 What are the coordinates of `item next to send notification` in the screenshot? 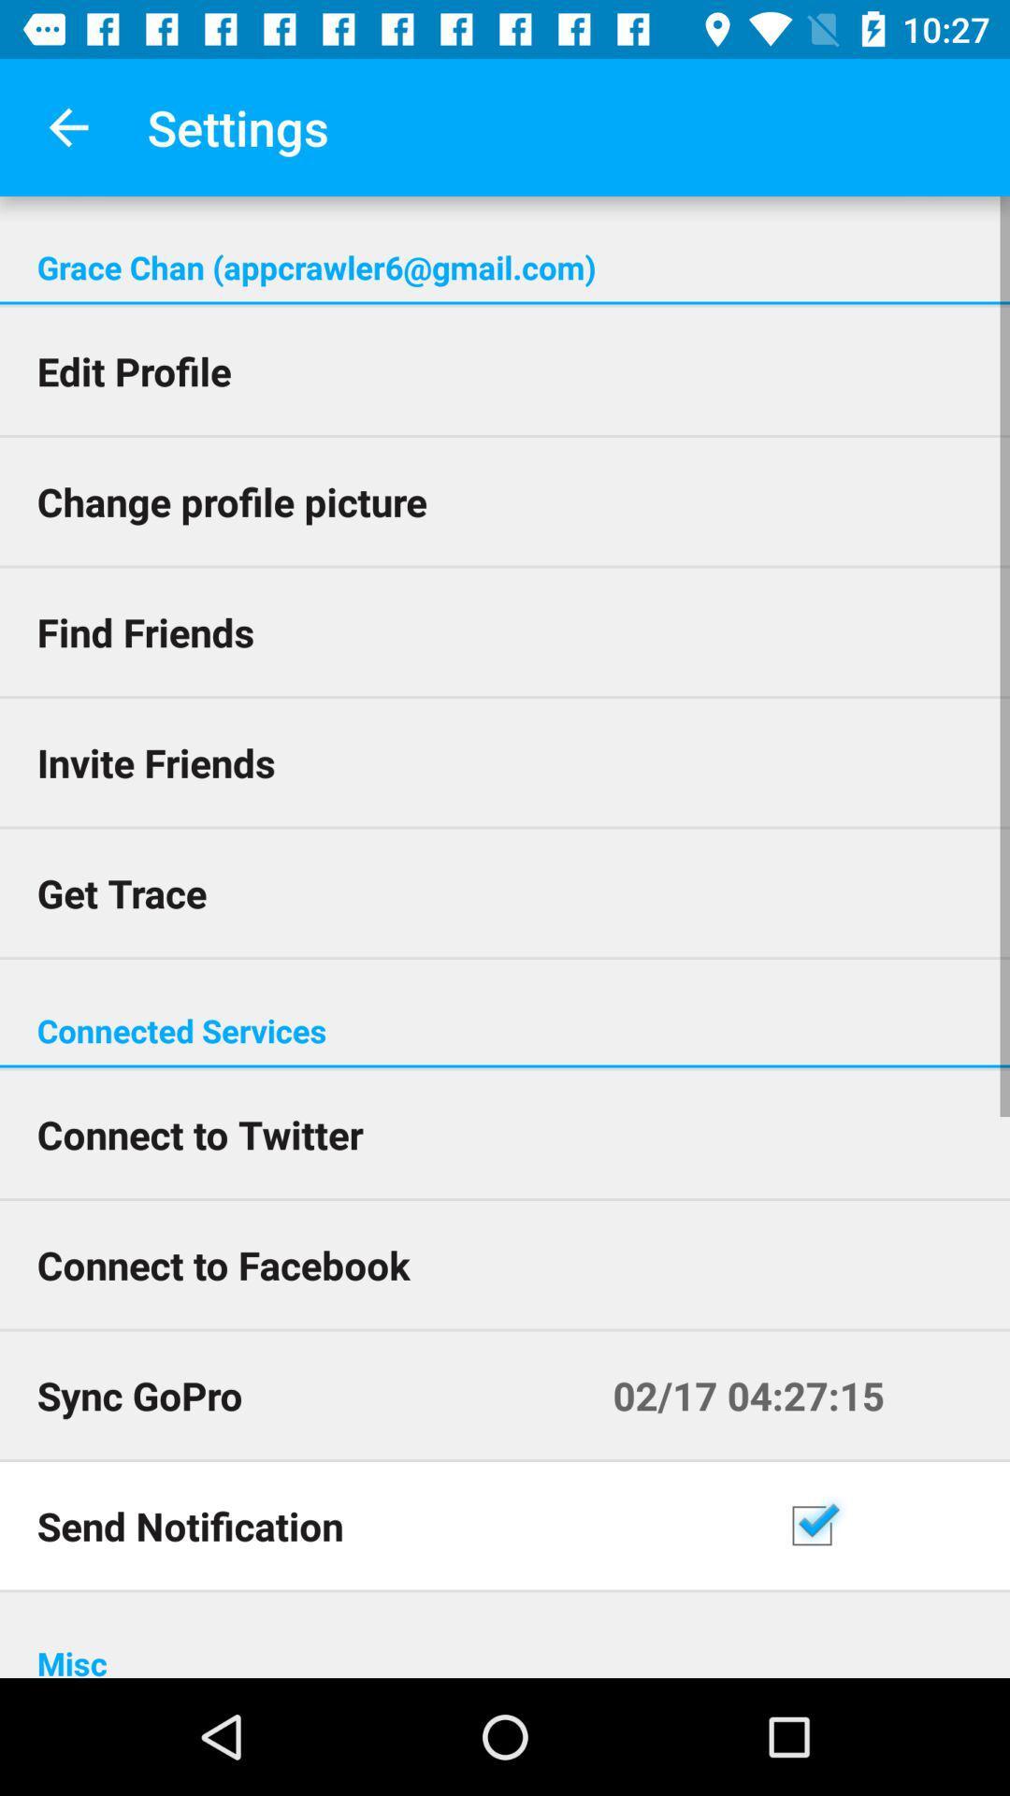 It's located at (890, 1526).